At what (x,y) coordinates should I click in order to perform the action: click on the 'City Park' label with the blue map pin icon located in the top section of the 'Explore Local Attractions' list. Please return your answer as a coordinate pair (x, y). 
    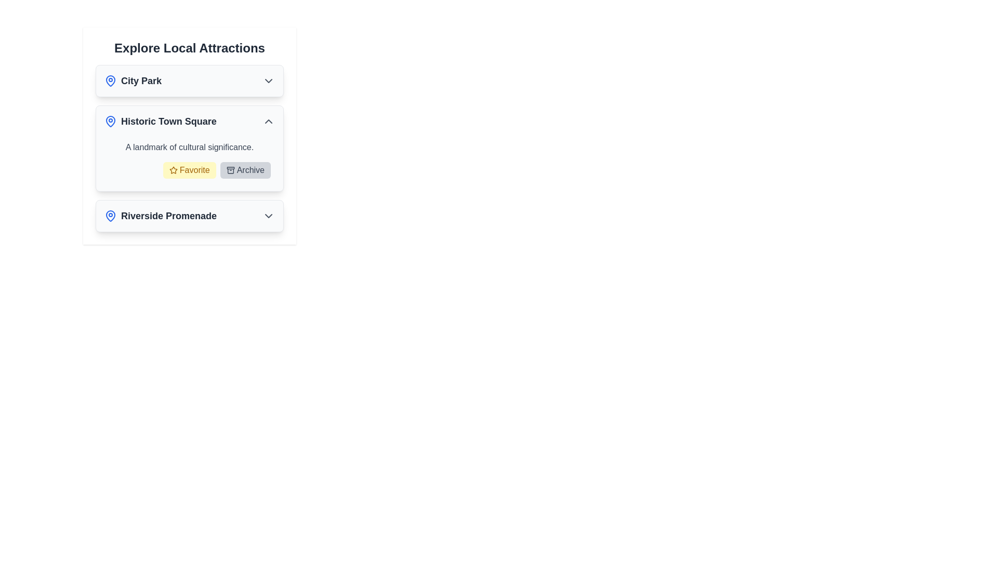
    Looking at the image, I should click on (132, 80).